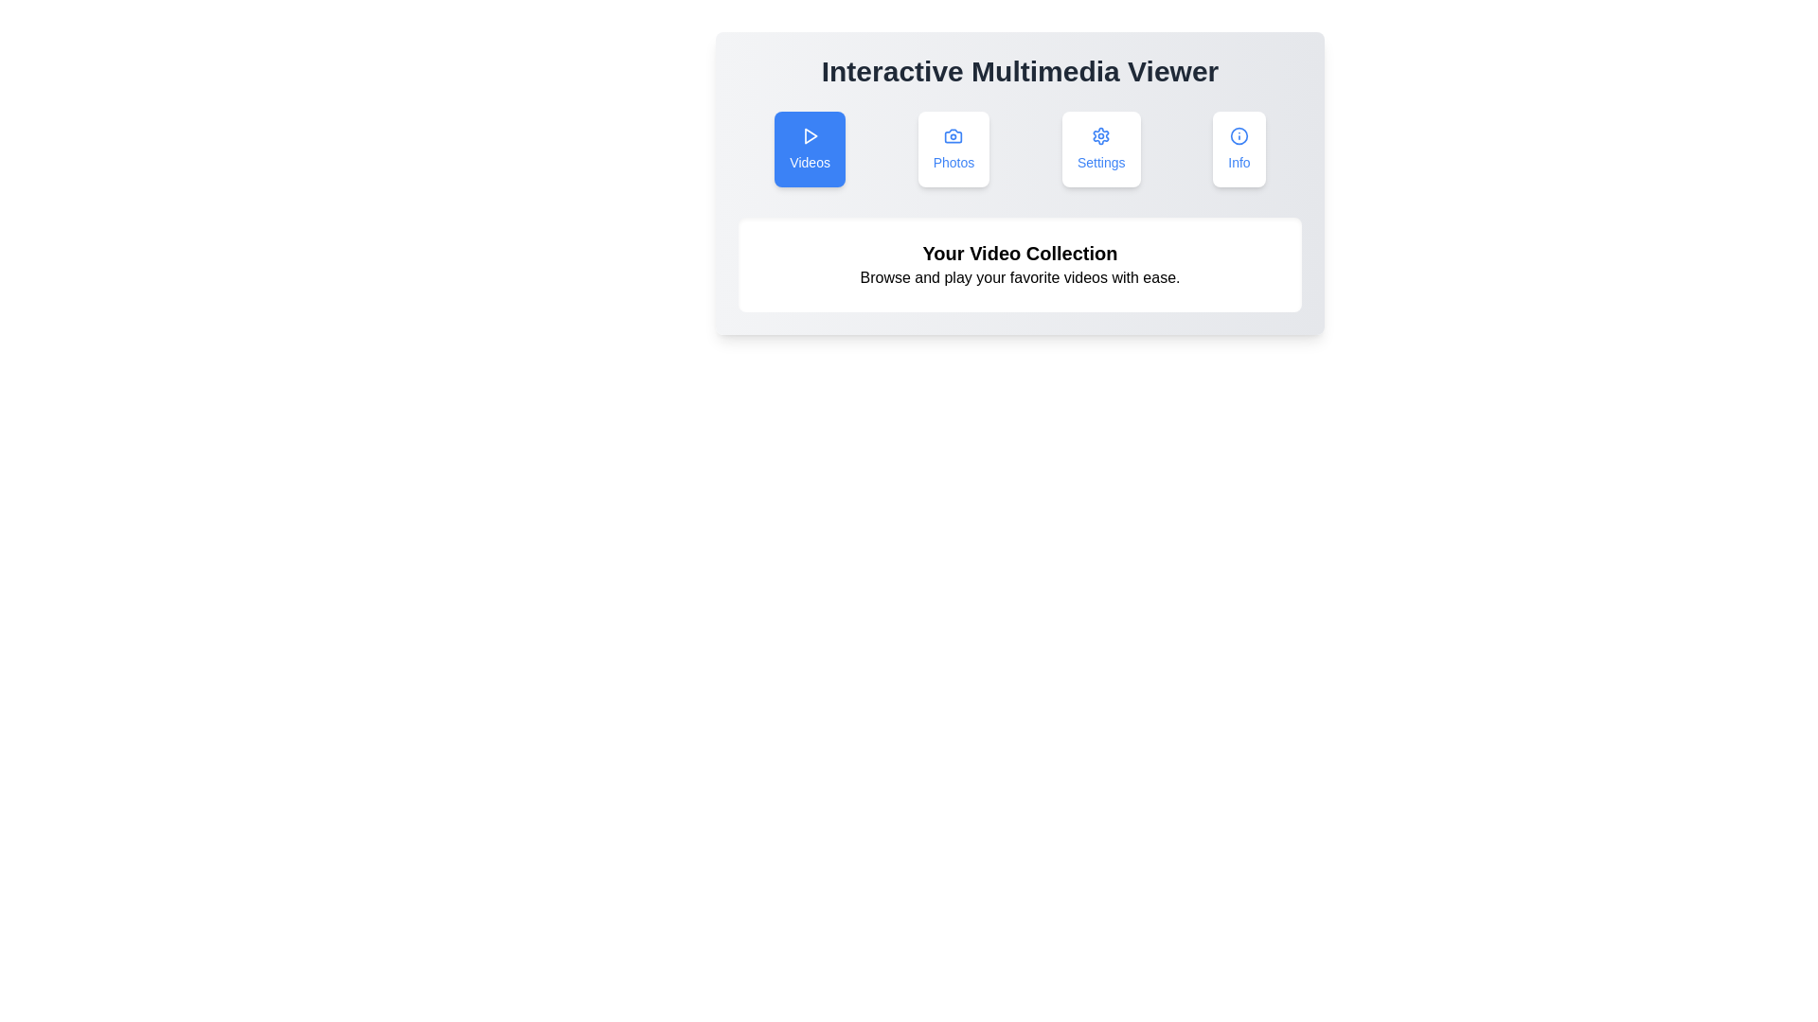  Describe the element at coordinates (810, 162) in the screenshot. I see `the 'Videos' label, which serves as a descriptive text below the play icon in the first card of the horizontal row containing 'Photos', 'Settings', and 'Info'` at that location.